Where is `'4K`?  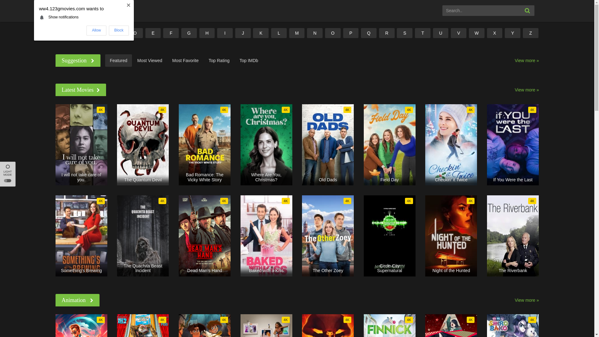 '4K is located at coordinates (389, 144).